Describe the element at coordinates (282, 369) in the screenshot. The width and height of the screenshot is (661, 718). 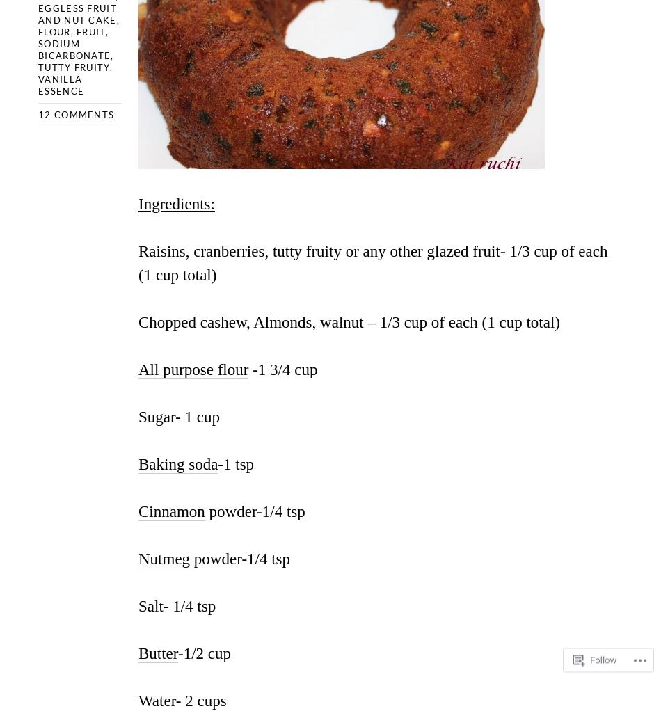
I see `'-1 3/4 cup'` at that location.